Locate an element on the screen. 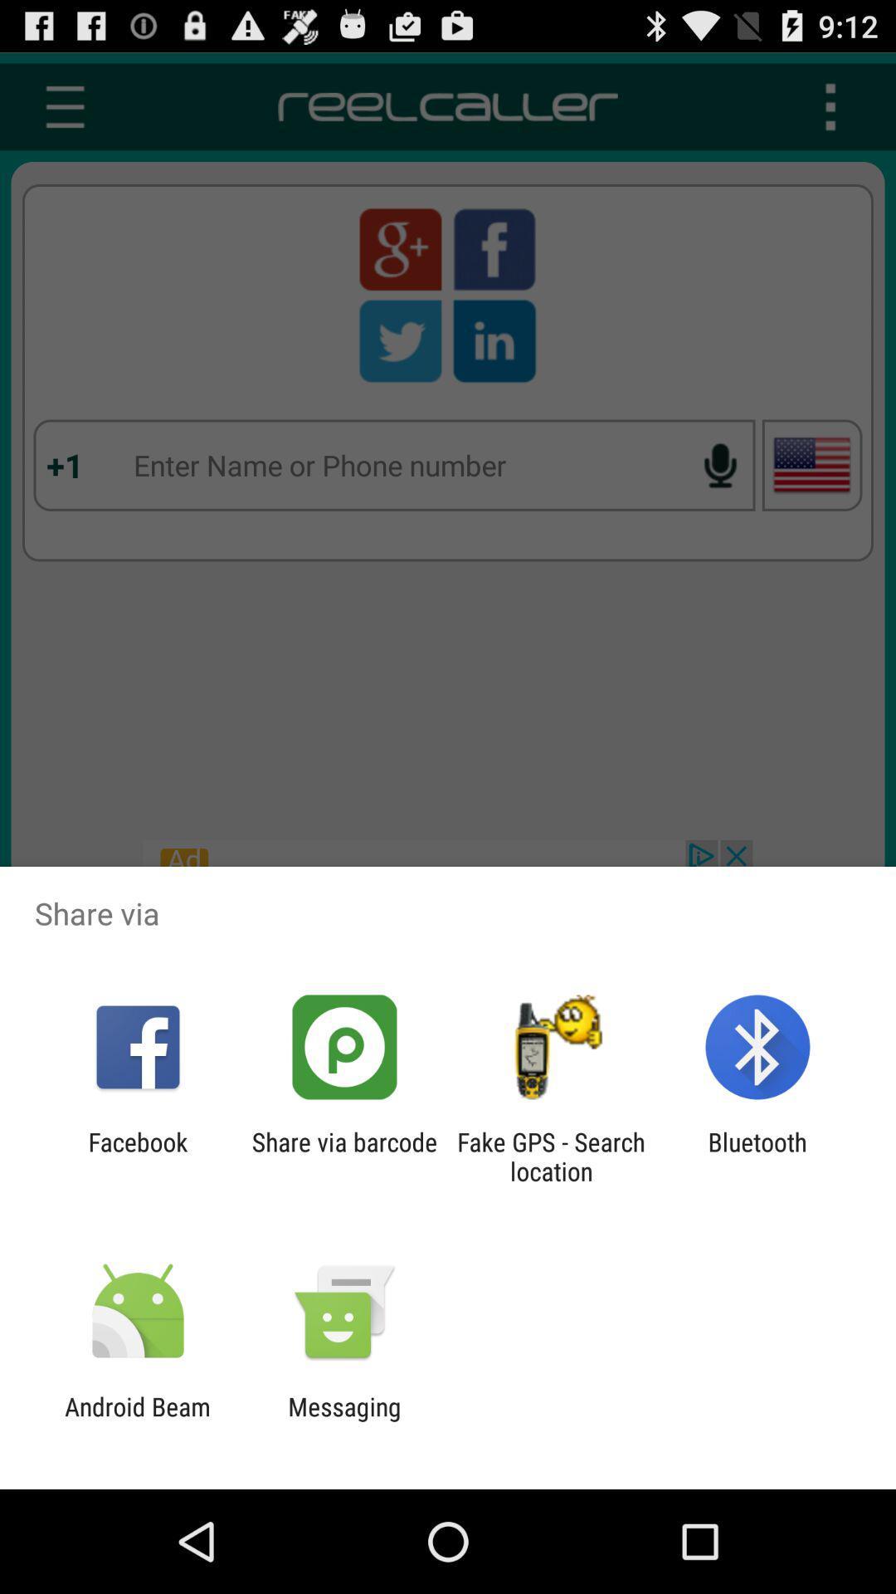  the icon to the left of bluetooth item is located at coordinates (551, 1156).